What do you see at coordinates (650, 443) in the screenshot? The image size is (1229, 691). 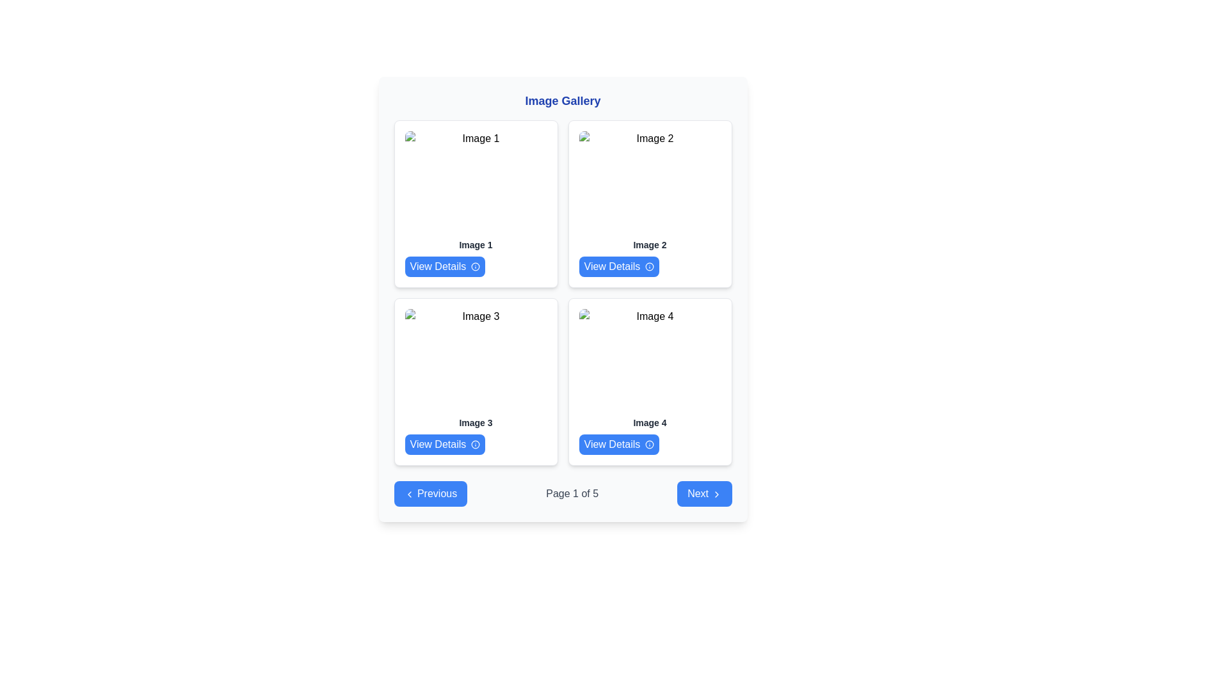 I see `the SVG Circle element outlined with a stroke, part of the 'View Details' button located in the bottom right quadrant next to the fourth image in the grid layout` at bounding box center [650, 443].